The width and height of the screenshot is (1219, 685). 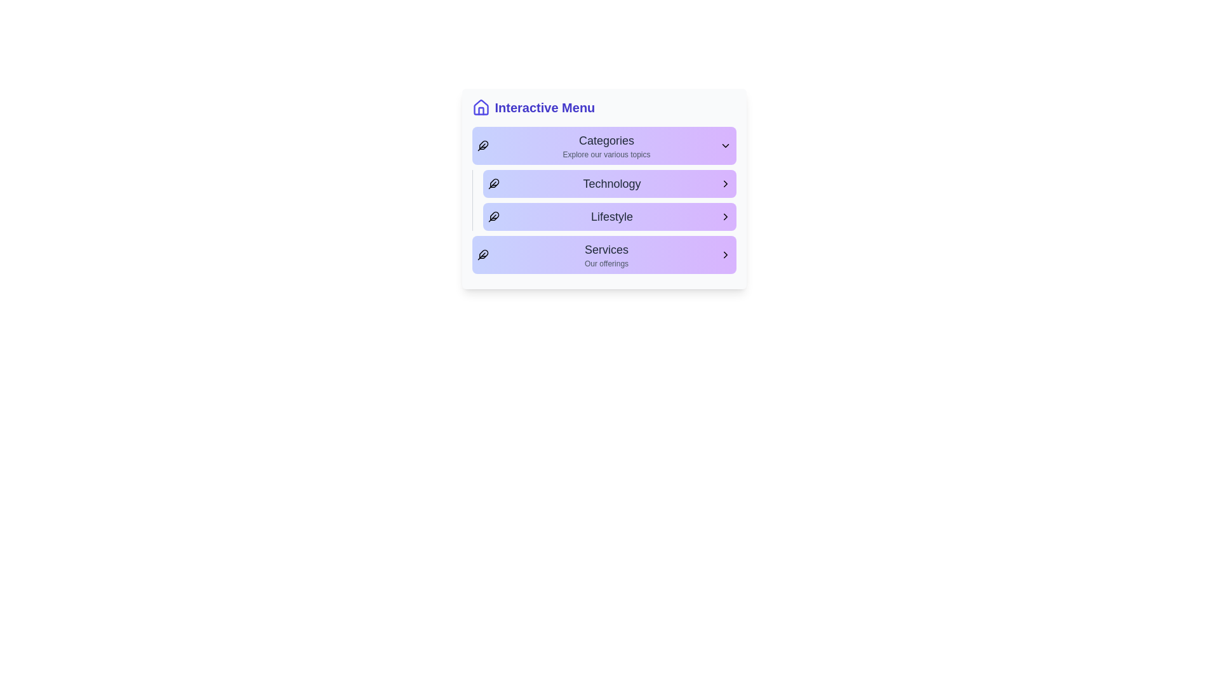 What do you see at coordinates (545, 107) in the screenshot?
I see `text displayed in the 'Interactive Menu' label, which is bold and indigo-colored, serving as a prominent header in the menu section` at bounding box center [545, 107].